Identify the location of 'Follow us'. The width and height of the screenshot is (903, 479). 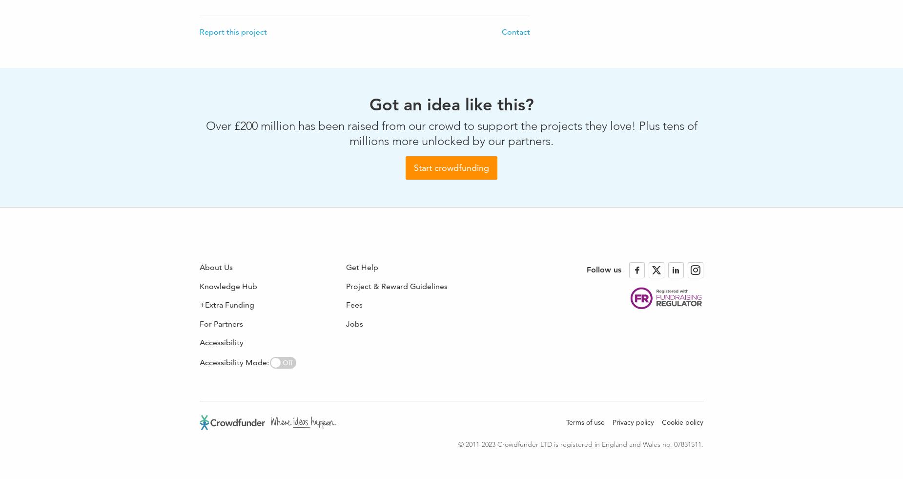
(603, 270).